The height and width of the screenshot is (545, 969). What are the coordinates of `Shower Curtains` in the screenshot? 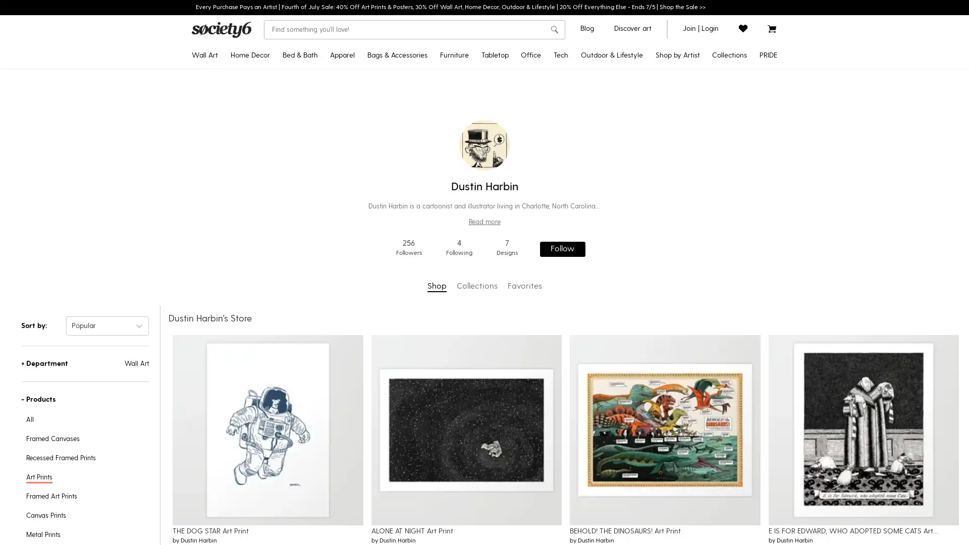 It's located at (321, 129).